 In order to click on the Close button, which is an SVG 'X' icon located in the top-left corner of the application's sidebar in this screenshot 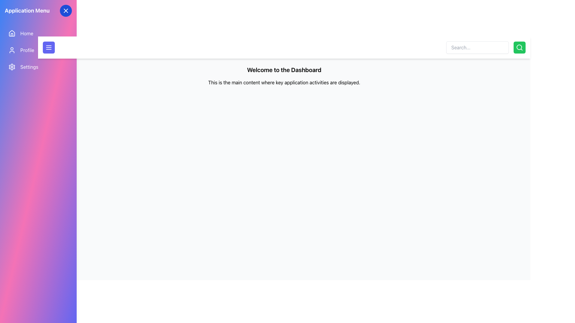, I will do `click(66, 10)`.